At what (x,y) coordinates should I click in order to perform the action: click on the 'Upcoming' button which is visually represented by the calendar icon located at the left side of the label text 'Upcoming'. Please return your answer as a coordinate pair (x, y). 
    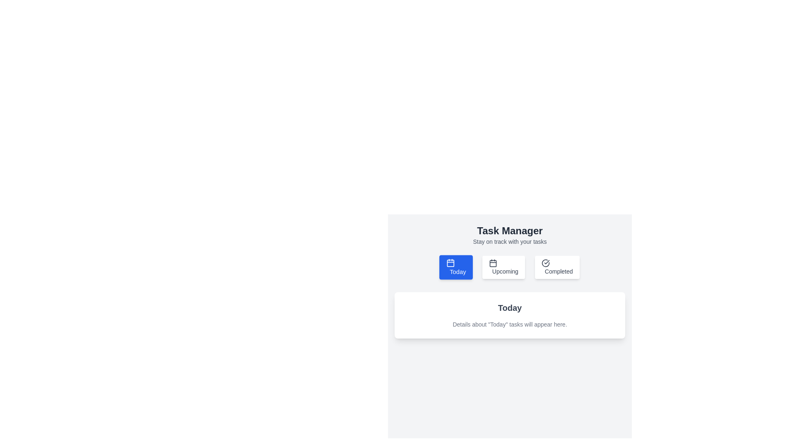
    Looking at the image, I should click on (493, 263).